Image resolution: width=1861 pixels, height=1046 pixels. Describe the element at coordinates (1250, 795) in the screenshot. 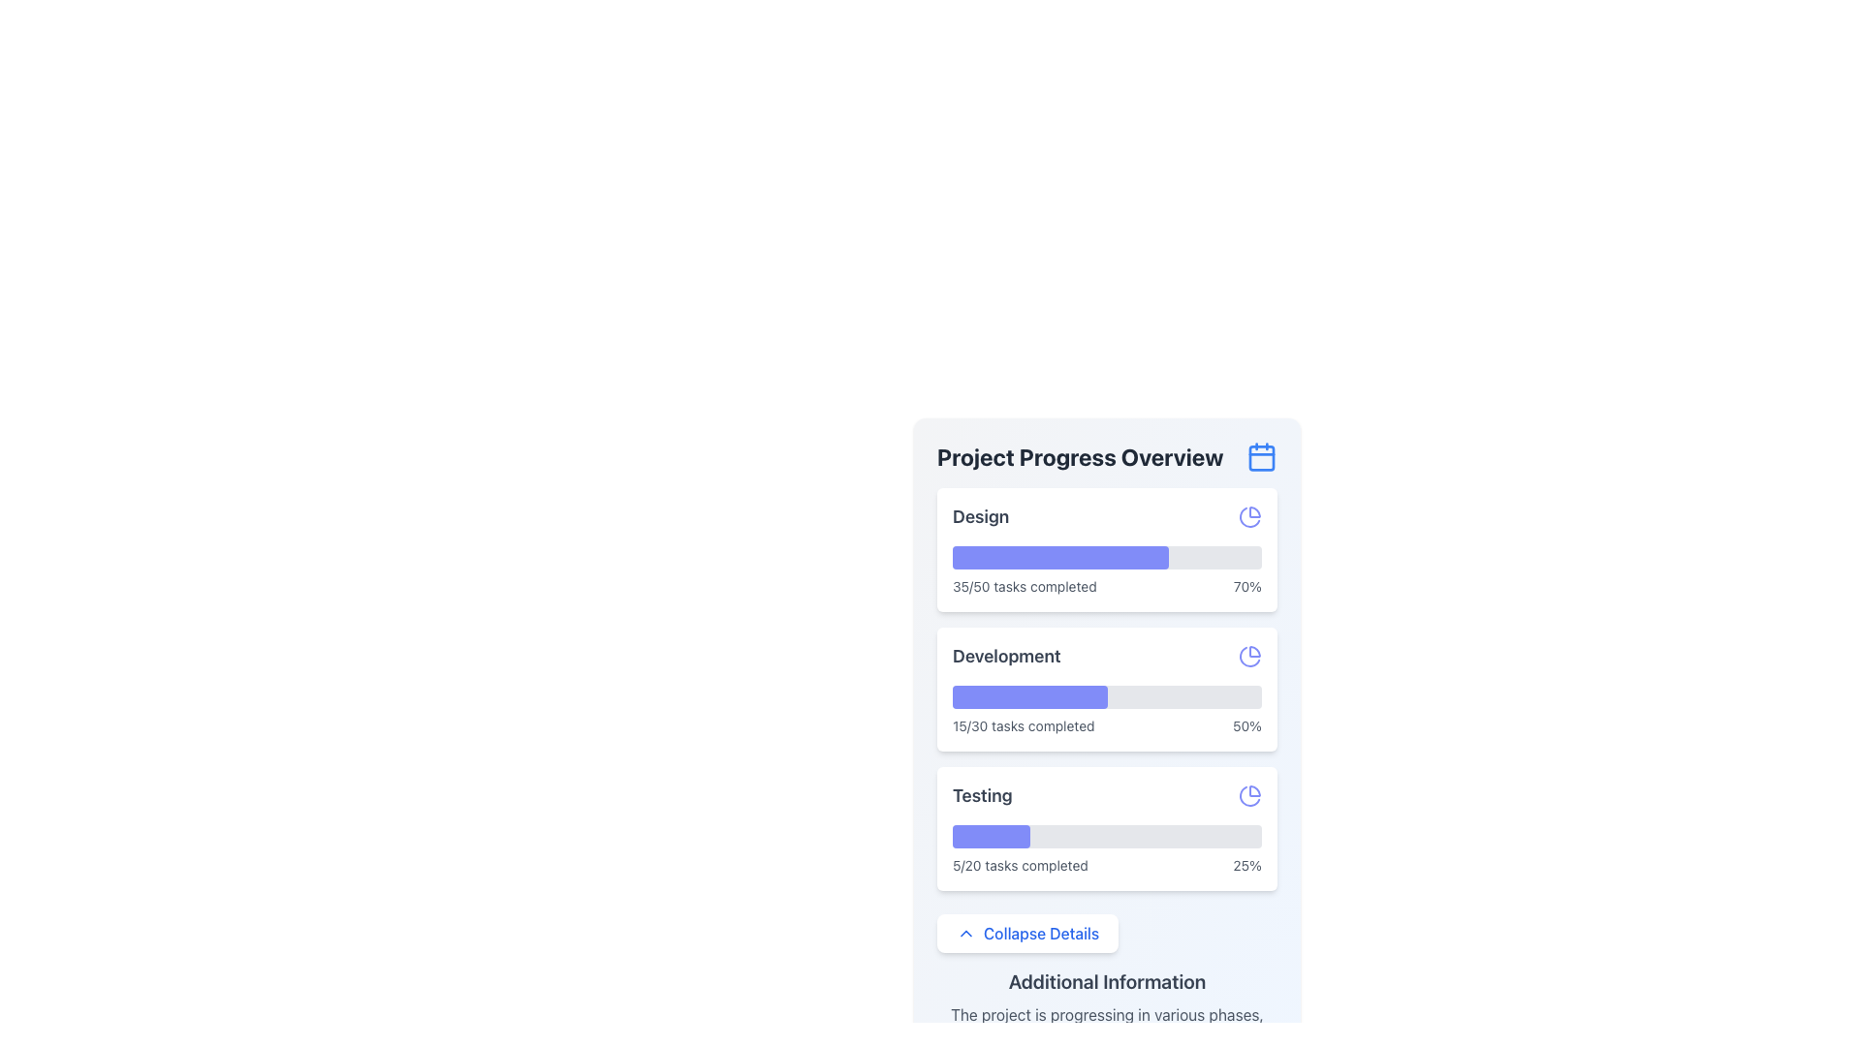

I see `the progress icon representing the 'Testing' phase in the 'Project Progress Overview' card, located on the right side of the 'Testing' section` at that location.